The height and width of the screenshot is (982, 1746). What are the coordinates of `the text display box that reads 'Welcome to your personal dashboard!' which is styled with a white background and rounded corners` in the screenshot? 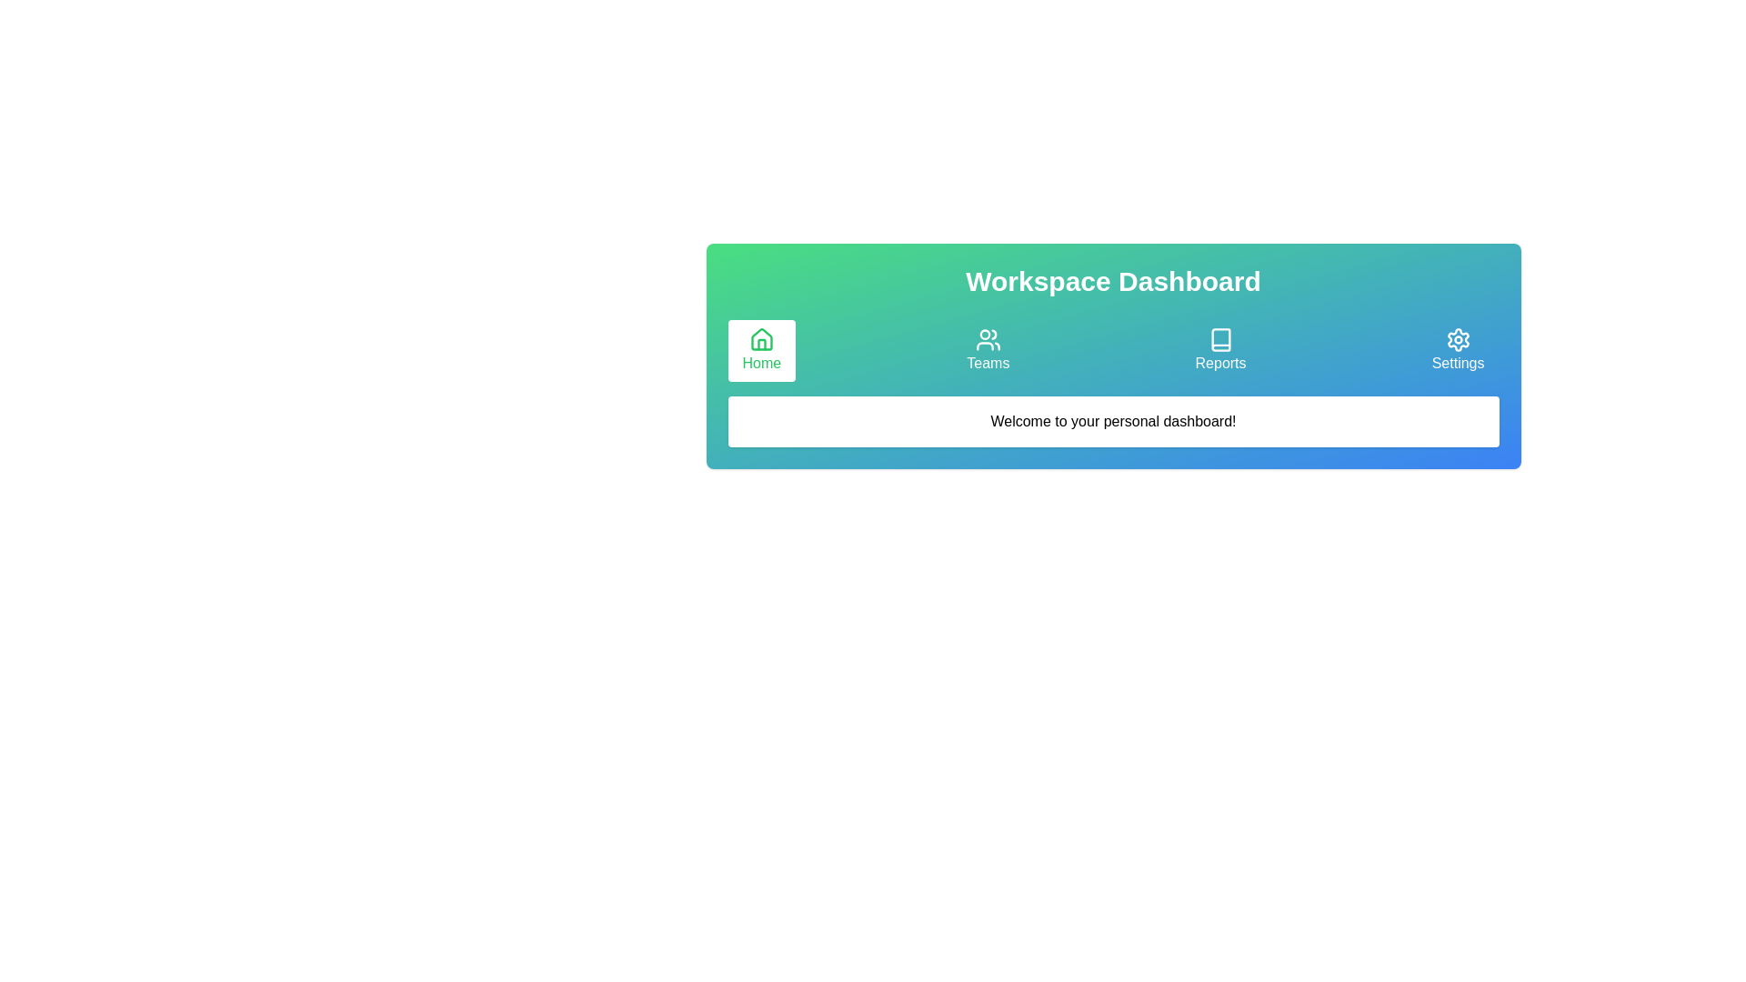 It's located at (1112, 421).